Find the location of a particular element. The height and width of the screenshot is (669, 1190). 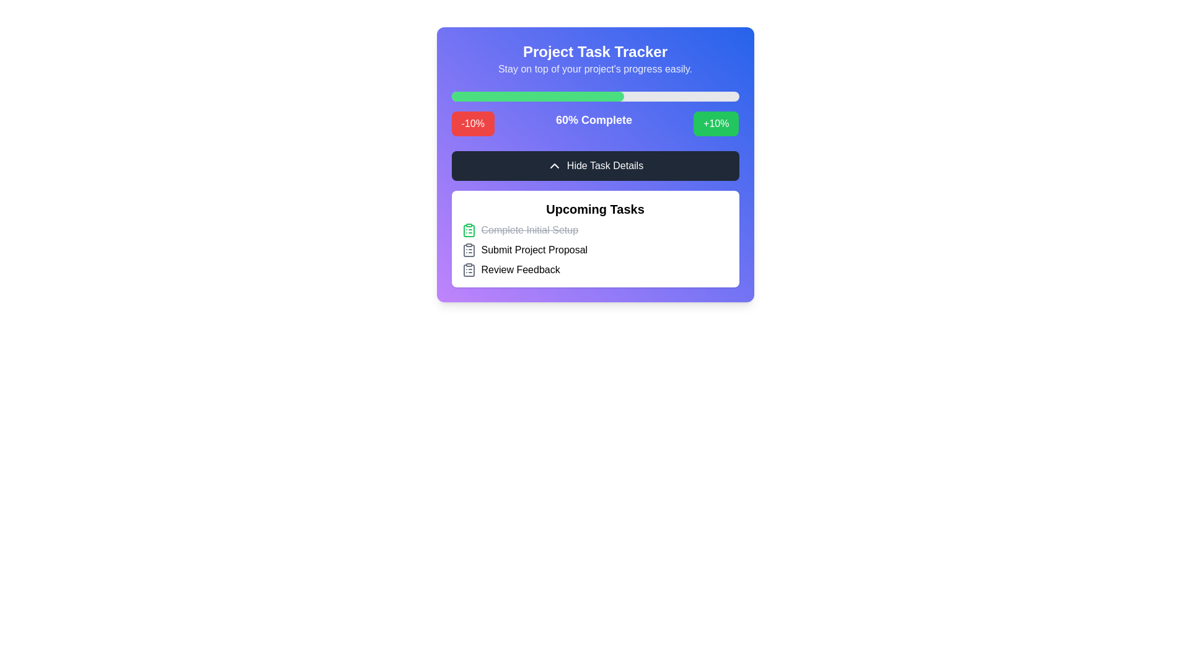

the rectangular progress bar with a grey background and rounded corners, which visually indicates the project's progress percentage is located at coordinates (595, 95).